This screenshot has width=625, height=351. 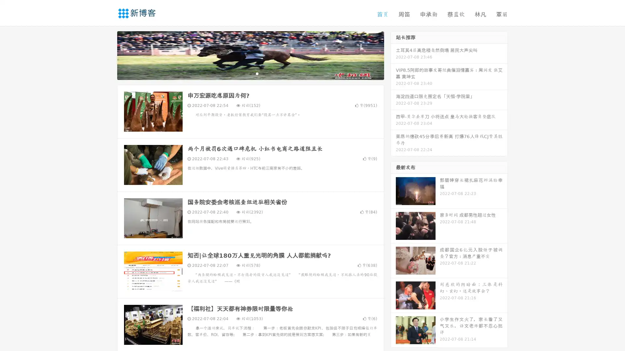 What do you see at coordinates (243, 73) in the screenshot?
I see `Go to slide 1` at bounding box center [243, 73].